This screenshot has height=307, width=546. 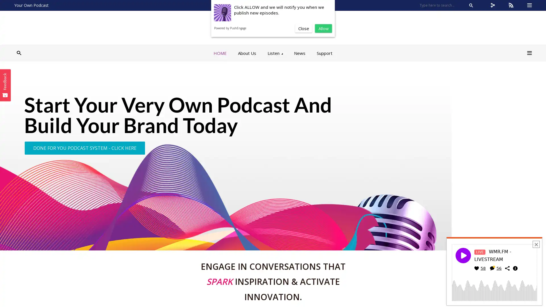 What do you see at coordinates (84, 148) in the screenshot?
I see `DONE FOR YOU PODCAST SYSTEM - CLICK HERE` at bounding box center [84, 148].